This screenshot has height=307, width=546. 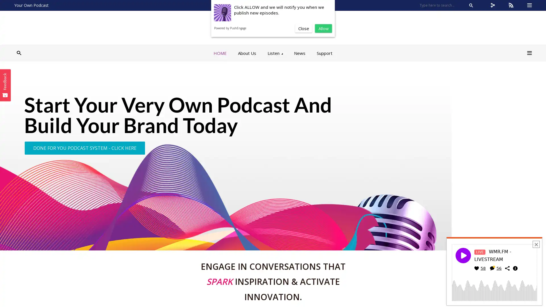 What do you see at coordinates (84, 148) in the screenshot?
I see `DONE FOR YOU PODCAST SYSTEM - CLICK HERE` at bounding box center [84, 148].